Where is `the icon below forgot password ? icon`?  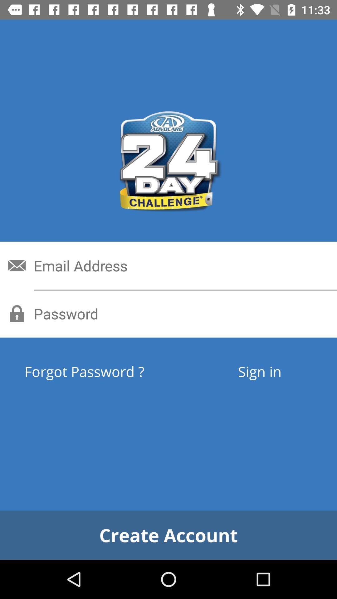
the icon below forgot password ? icon is located at coordinates (168, 535).